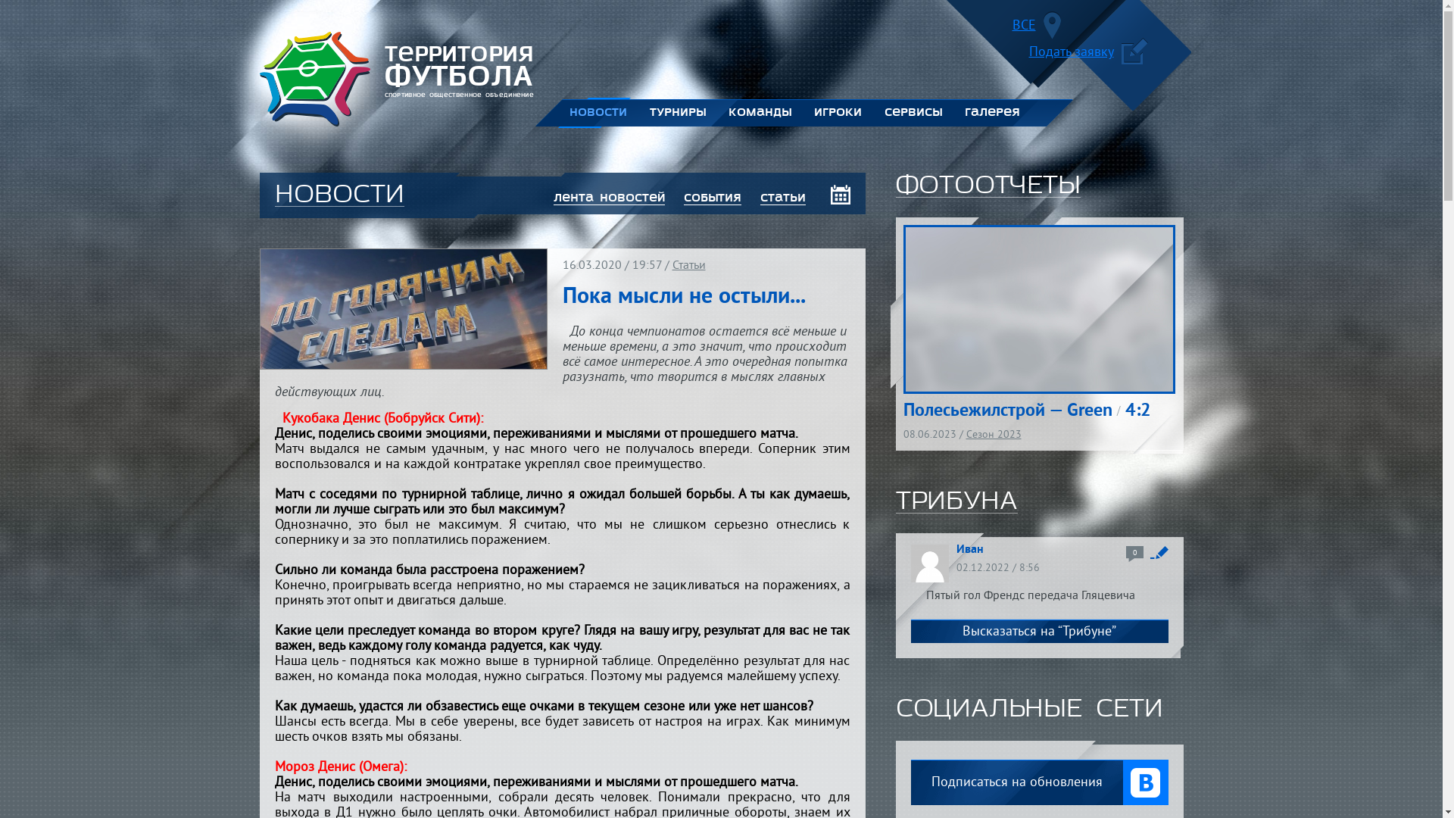  What do you see at coordinates (1125, 554) in the screenshot?
I see `'0'` at bounding box center [1125, 554].